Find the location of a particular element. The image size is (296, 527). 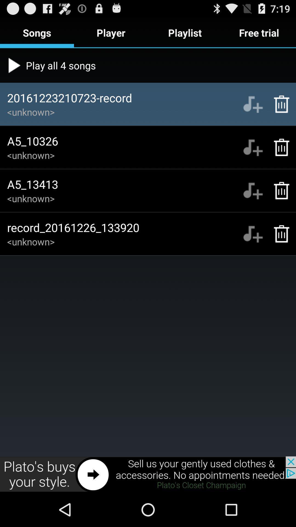

to liked songs is located at coordinates (253, 147).